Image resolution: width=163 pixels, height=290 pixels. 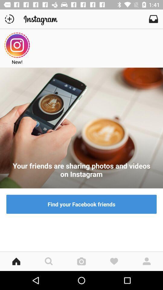 I want to click on the add icon, so click(x=9, y=19).